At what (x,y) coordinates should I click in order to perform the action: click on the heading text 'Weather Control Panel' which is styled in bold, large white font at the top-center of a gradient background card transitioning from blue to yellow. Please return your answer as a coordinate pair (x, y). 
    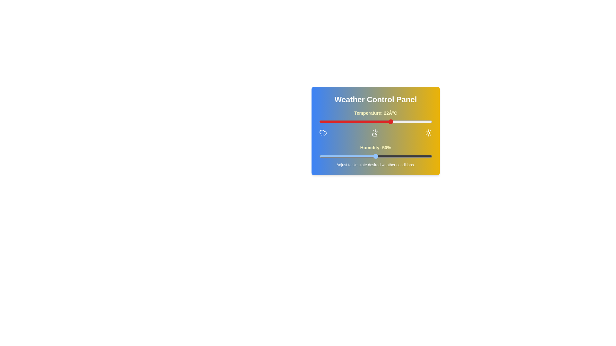
    Looking at the image, I should click on (376, 100).